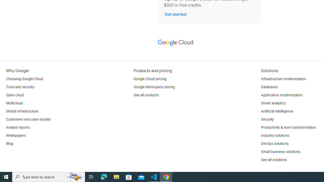 This screenshot has width=324, height=182. I want to click on 'Customers and case studies', so click(28, 120).